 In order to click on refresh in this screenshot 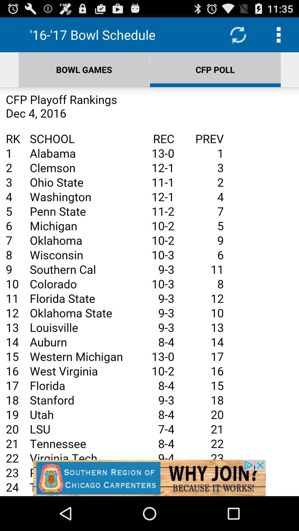, I will do `click(238, 34)`.